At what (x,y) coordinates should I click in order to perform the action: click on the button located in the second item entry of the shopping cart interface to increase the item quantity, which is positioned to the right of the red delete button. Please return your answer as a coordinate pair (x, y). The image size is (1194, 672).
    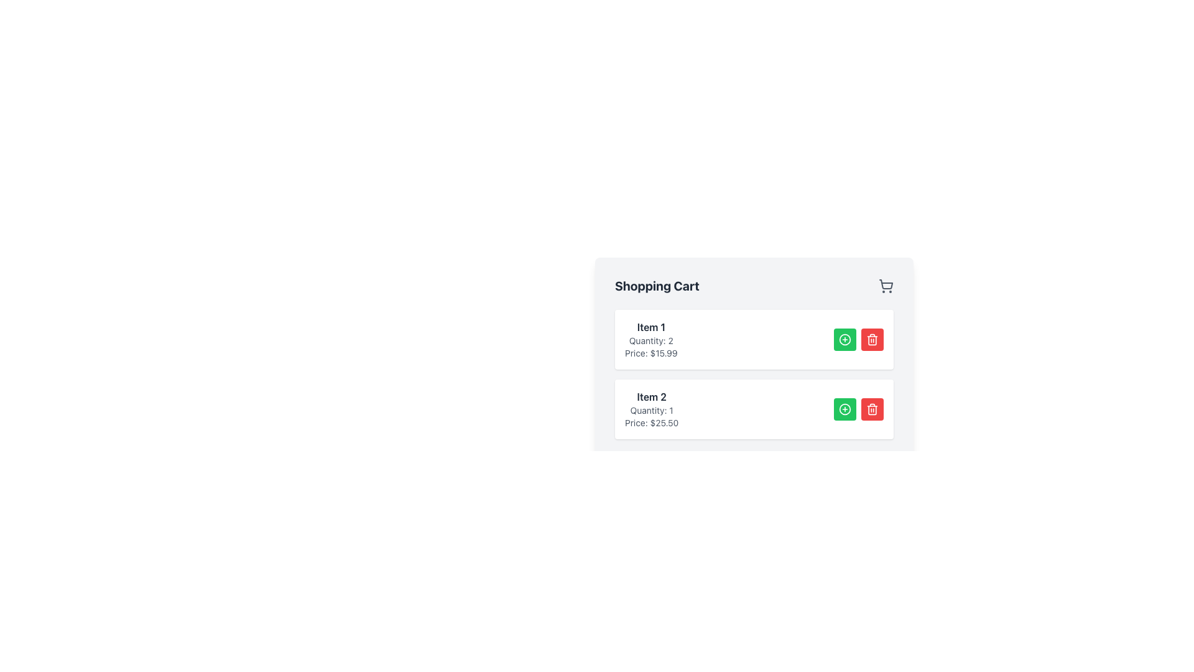
    Looking at the image, I should click on (845, 409).